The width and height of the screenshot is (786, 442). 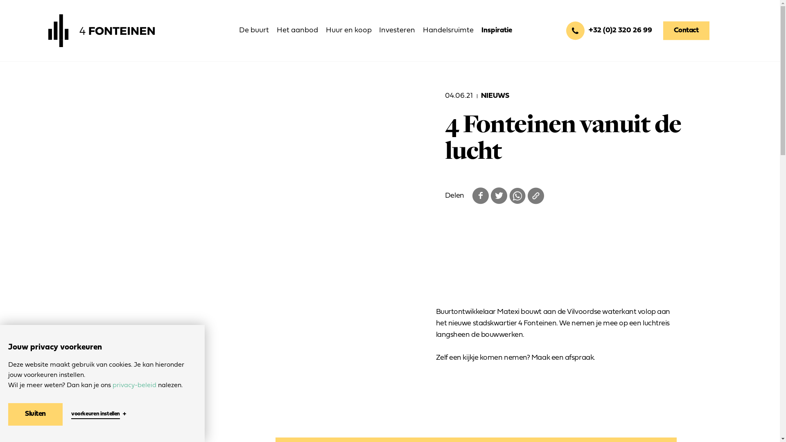 I want to click on 'Huur en koop', so click(x=348, y=30).